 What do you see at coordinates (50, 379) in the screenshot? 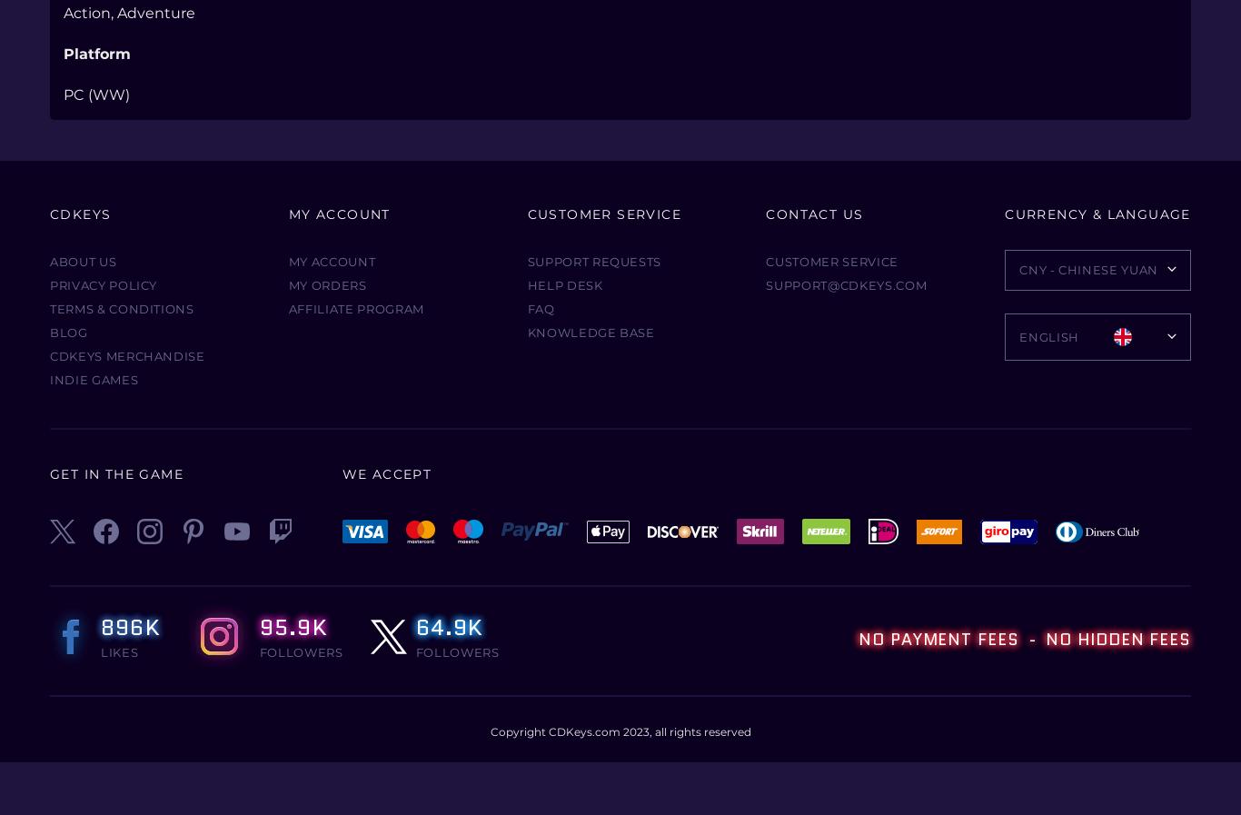
I see `'Indie Games'` at bounding box center [50, 379].